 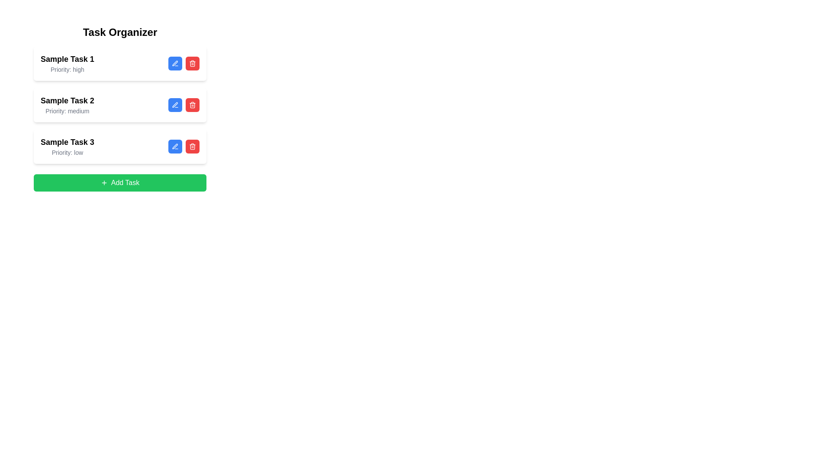 I want to click on the third task card in the task organizer, so click(x=119, y=146).